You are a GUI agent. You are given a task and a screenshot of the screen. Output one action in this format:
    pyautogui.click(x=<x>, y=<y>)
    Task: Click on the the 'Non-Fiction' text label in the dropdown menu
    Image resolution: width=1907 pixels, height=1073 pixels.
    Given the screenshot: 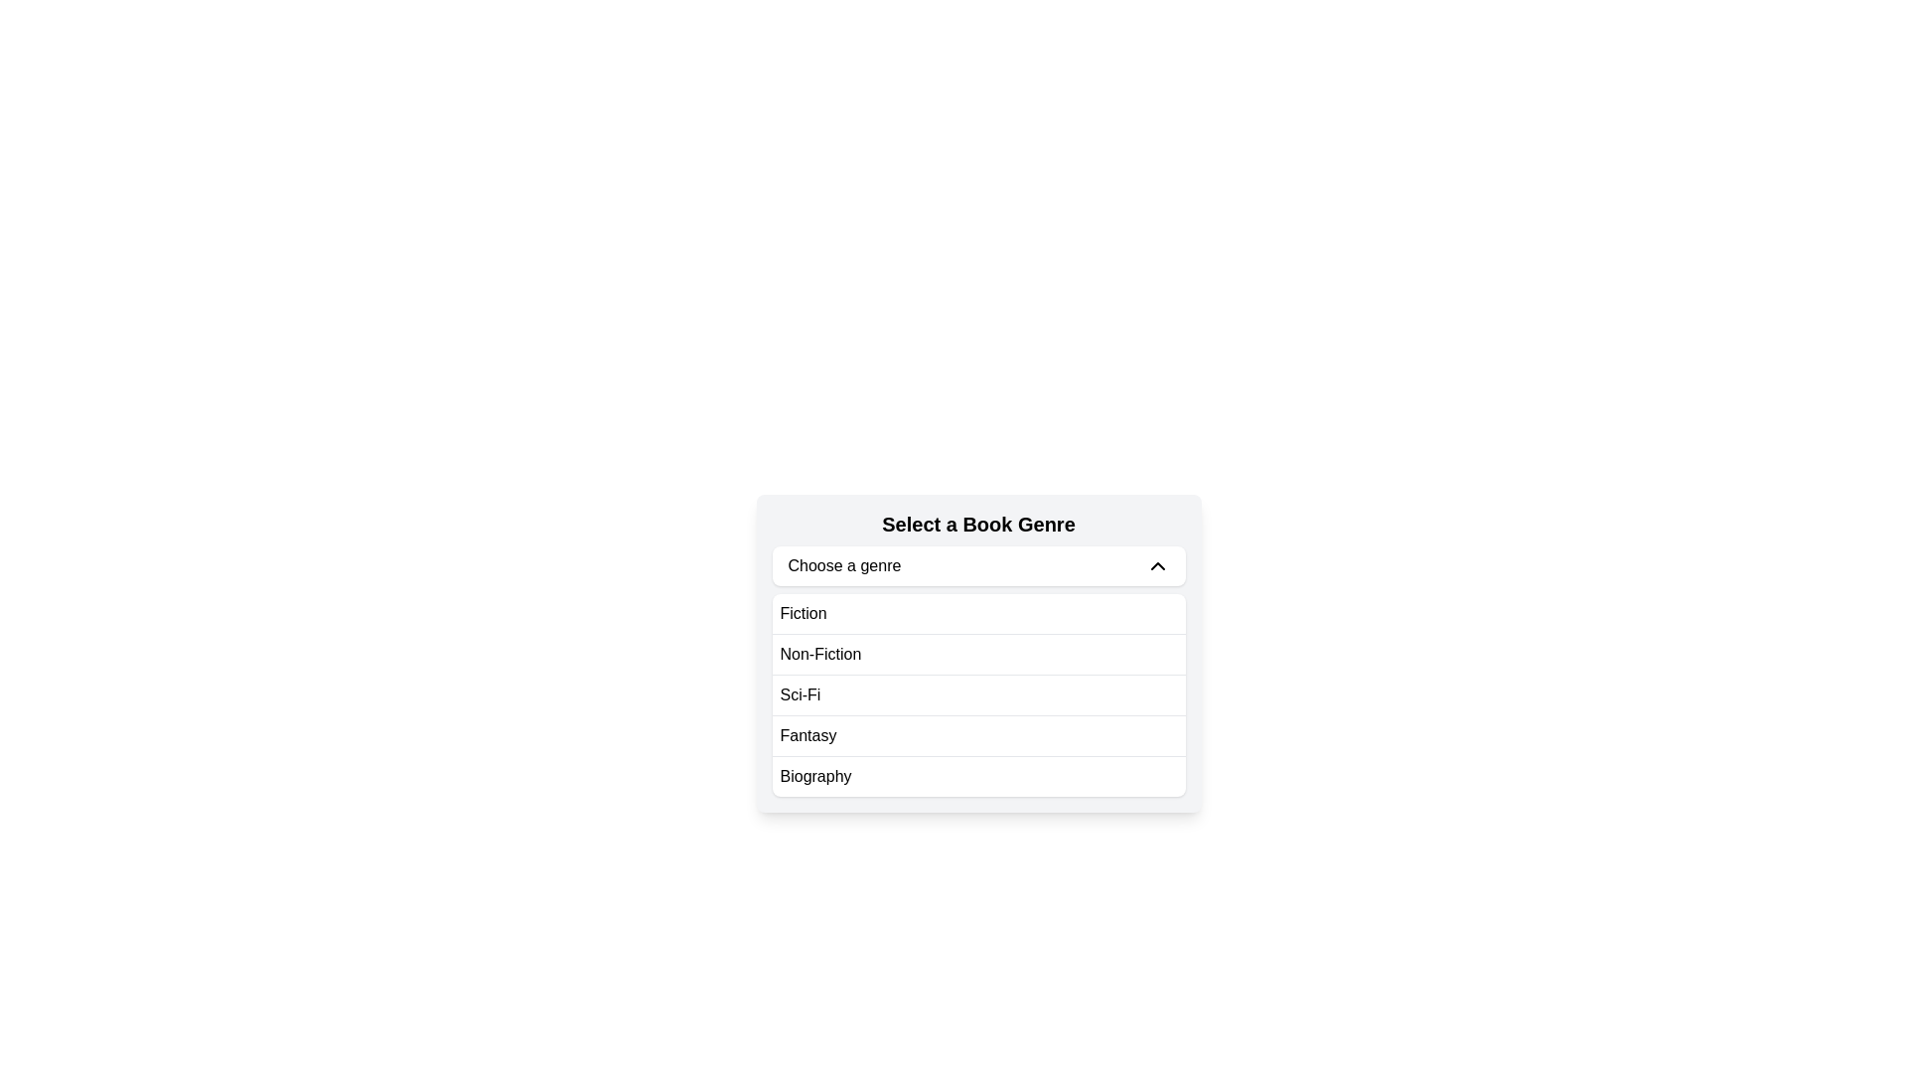 What is the action you would take?
    pyautogui.click(x=820, y=655)
    